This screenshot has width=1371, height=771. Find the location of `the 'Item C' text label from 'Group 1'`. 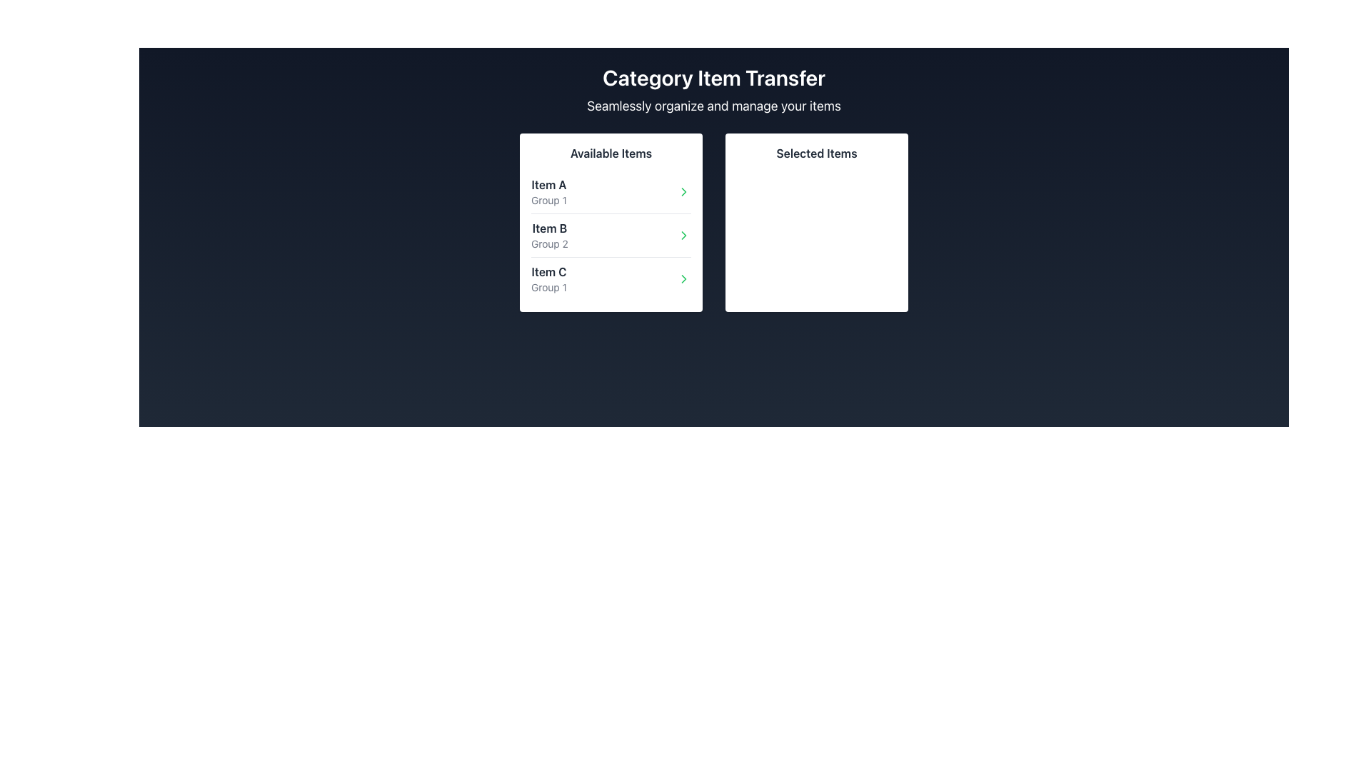

the 'Item C' text label from 'Group 1' is located at coordinates (548, 278).